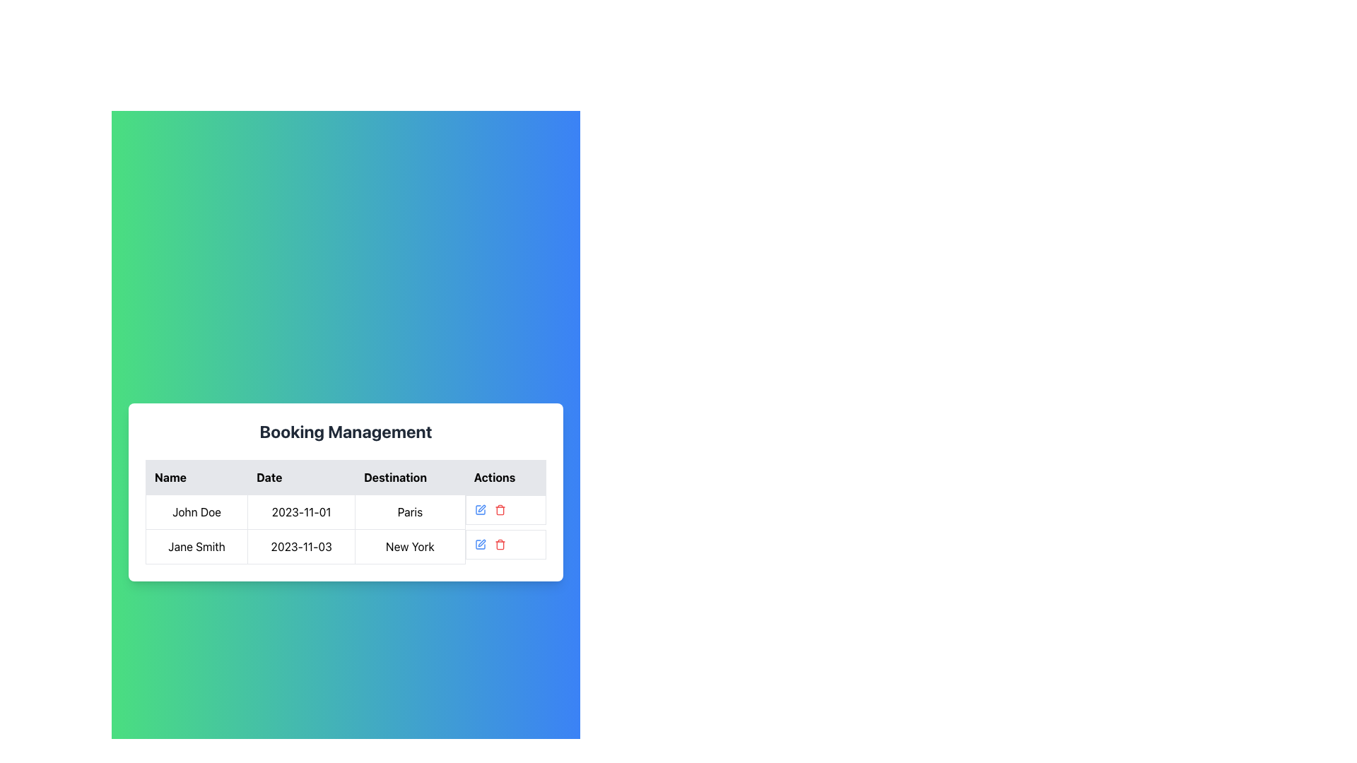 The height and width of the screenshot is (763, 1357). Describe the element at coordinates (346, 512) in the screenshot. I see `the first row of the Booking Management table` at that location.